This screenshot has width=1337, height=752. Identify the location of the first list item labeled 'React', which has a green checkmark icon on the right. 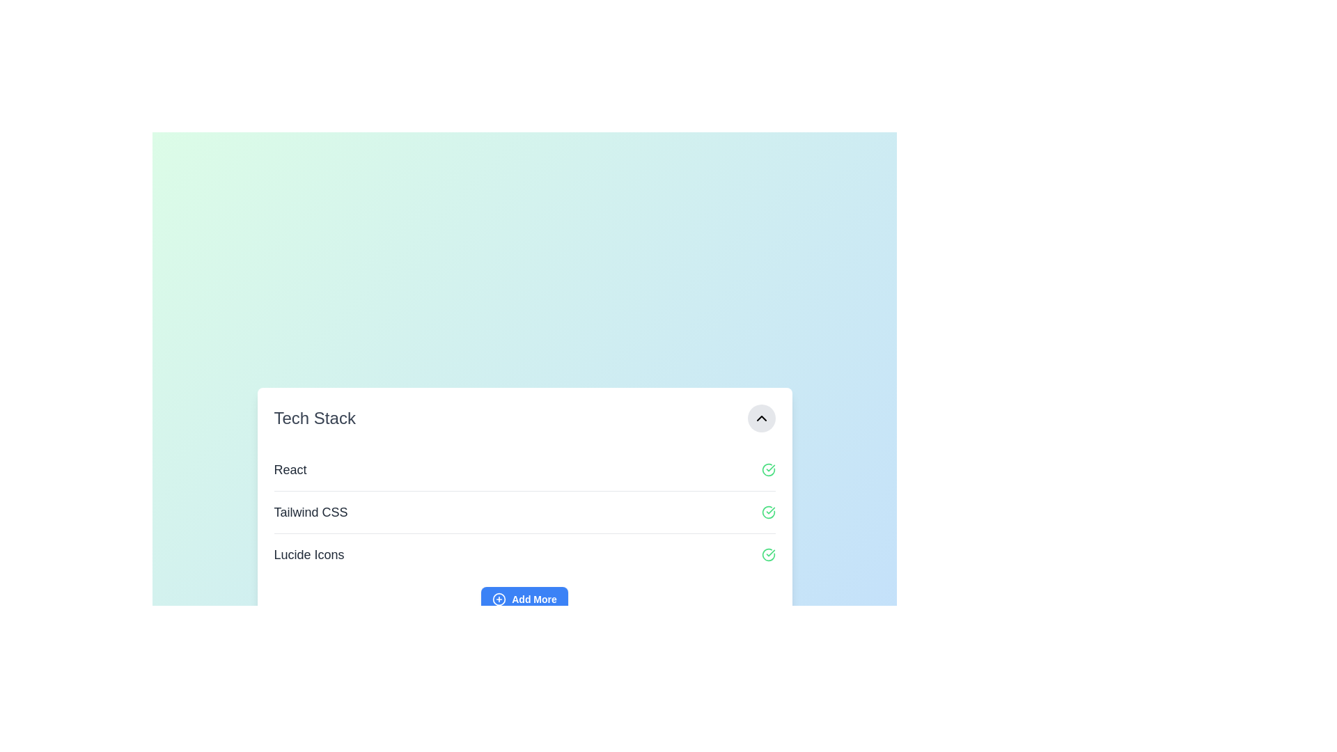
(524, 470).